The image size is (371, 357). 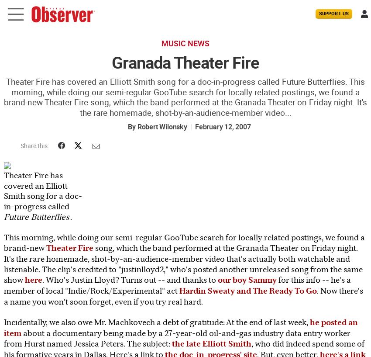 What do you see at coordinates (185, 44) in the screenshot?
I see `'Music News'` at bounding box center [185, 44].